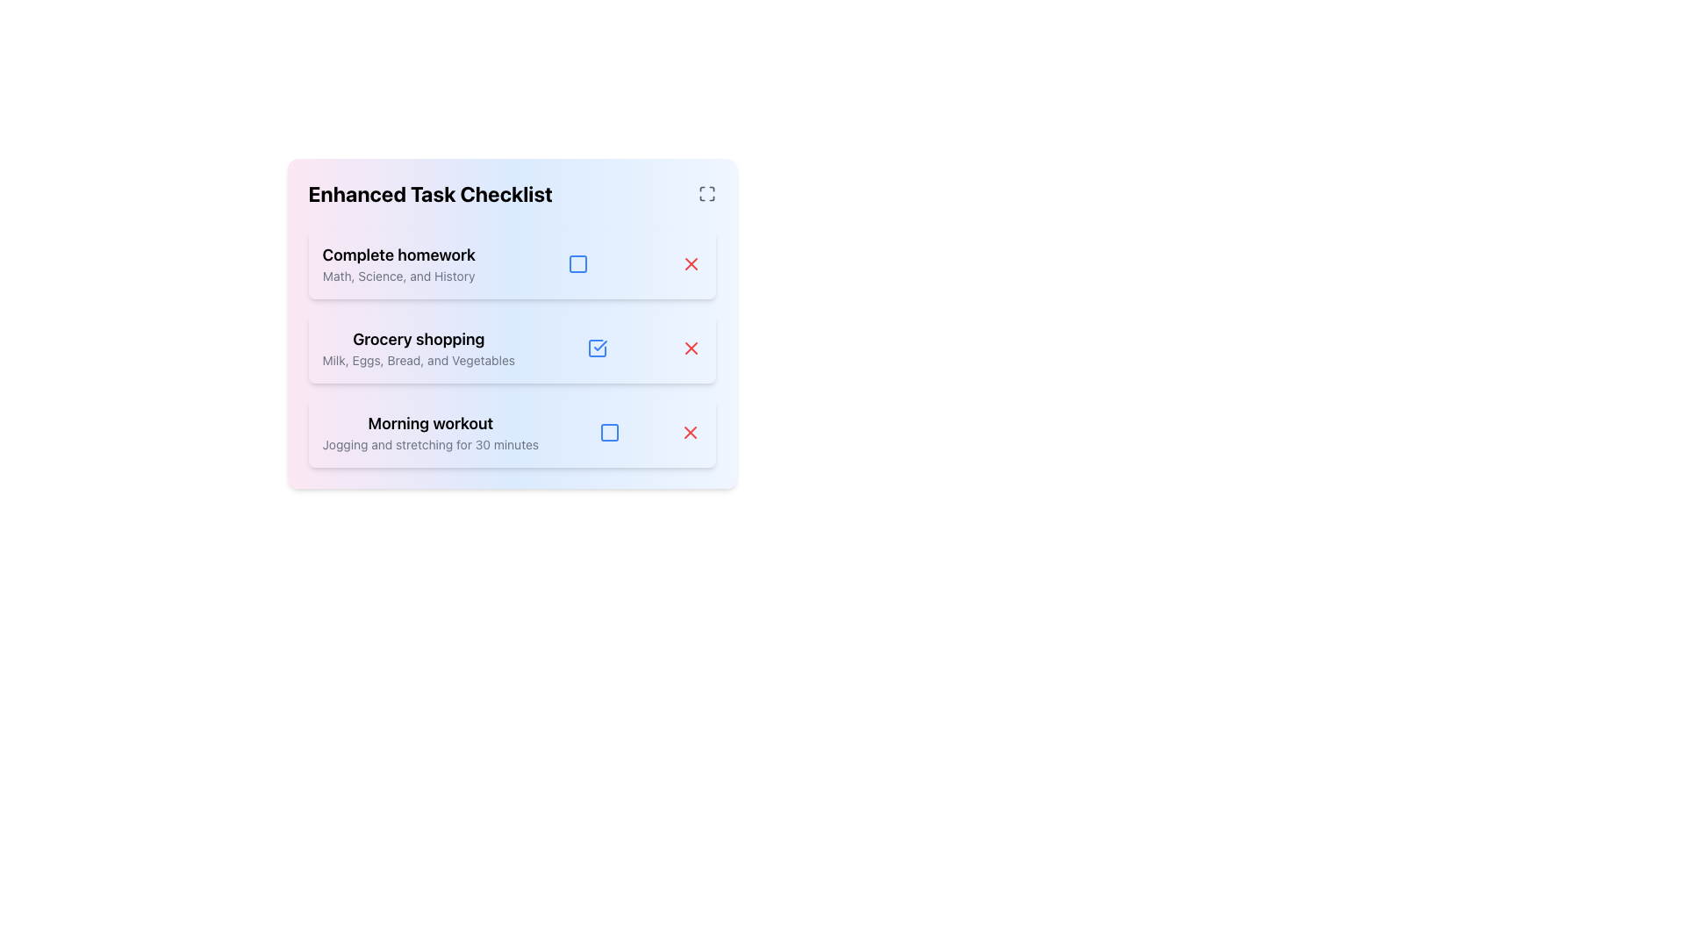  I want to click on the first checkbox in the checklist next to the text 'Complete homework' to mark the task as complete, so click(577, 263).